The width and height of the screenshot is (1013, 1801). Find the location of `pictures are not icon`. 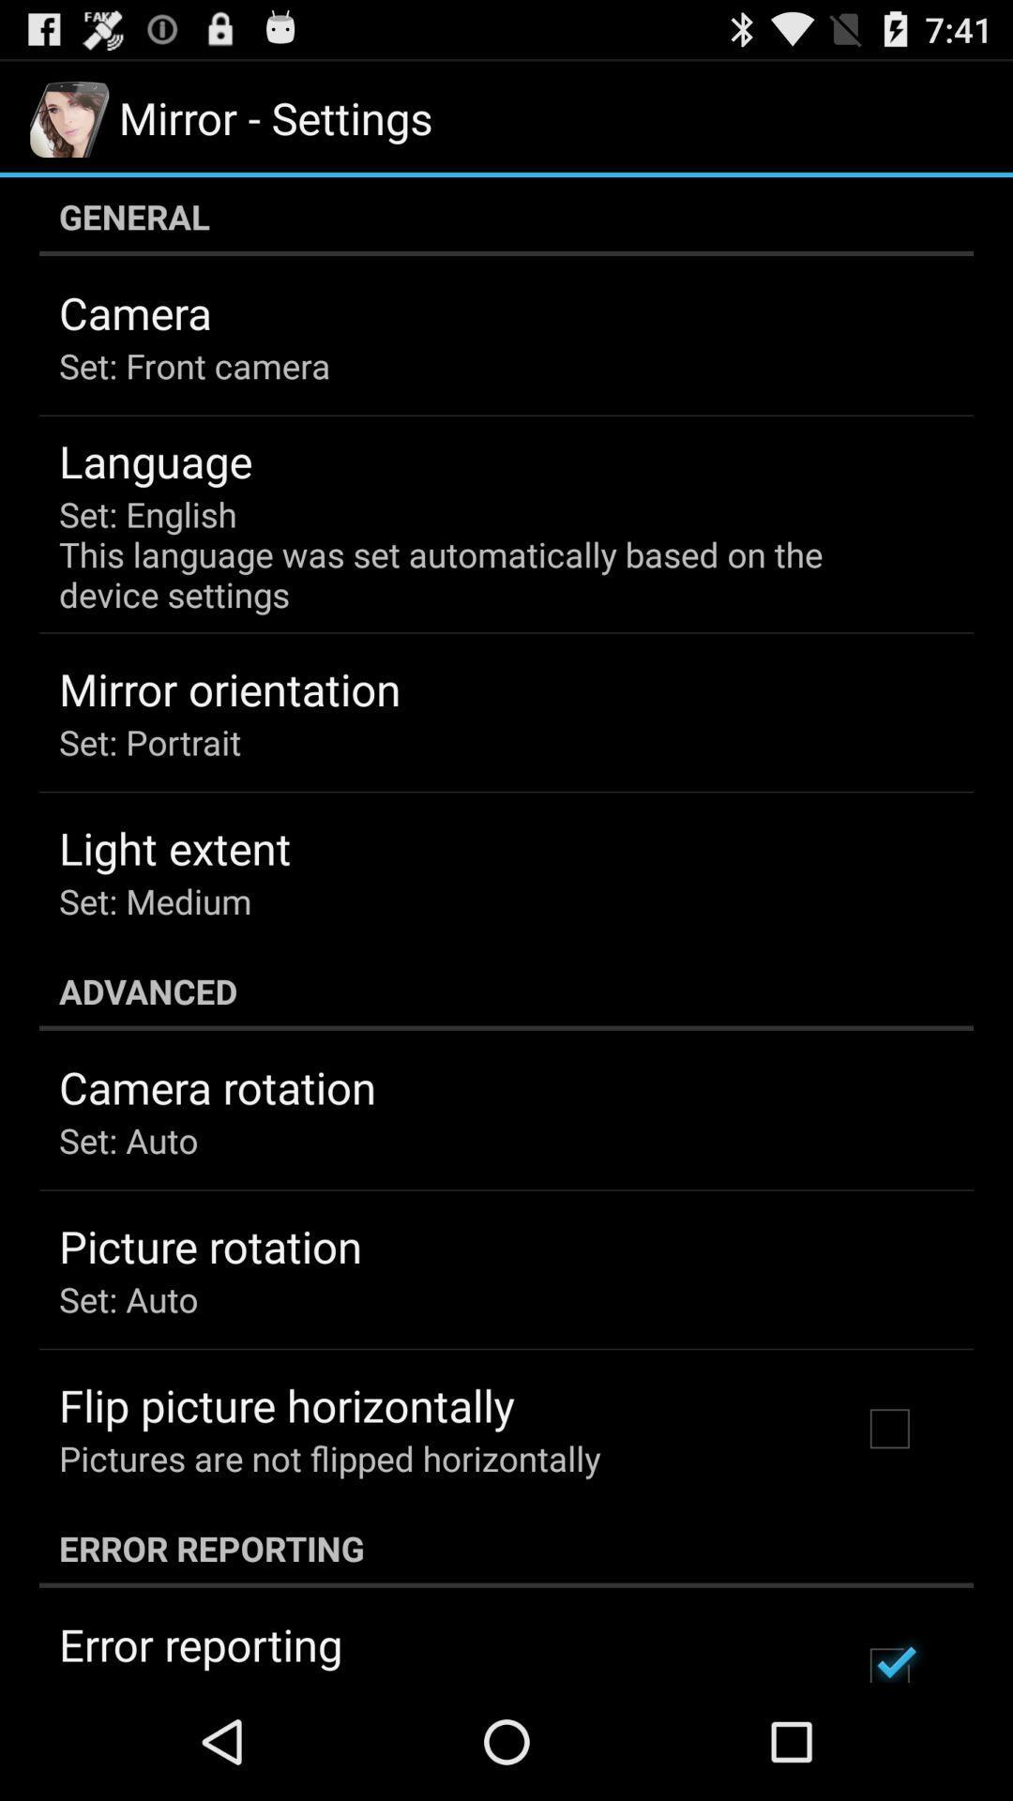

pictures are not icon is located at coordinates (328, 1457).